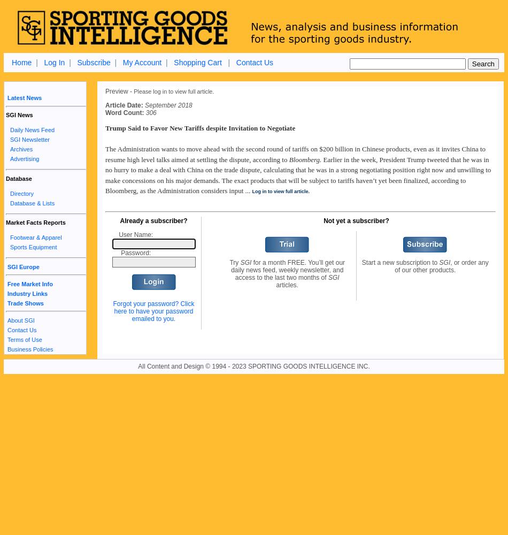 Image resolution: width=508 pixels, height=535 pixels. What do you see at coordinates (152, 221) in the screenshot?
I see `'Already a subscriber?'` at bounding box center [152, 221].